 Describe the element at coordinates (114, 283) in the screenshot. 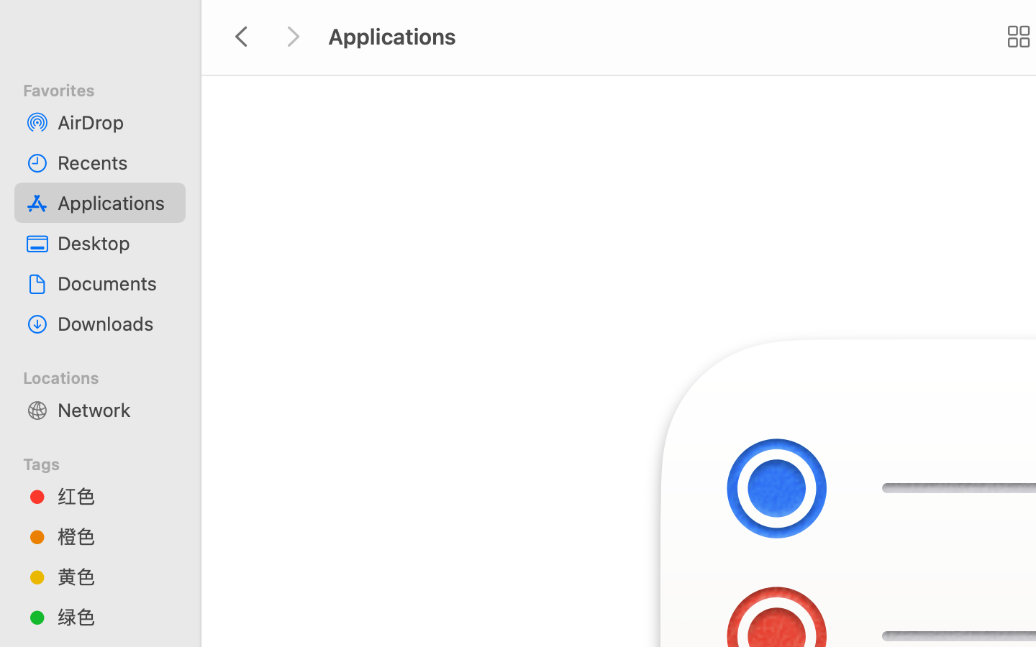

I see `'Documents'` at that location.